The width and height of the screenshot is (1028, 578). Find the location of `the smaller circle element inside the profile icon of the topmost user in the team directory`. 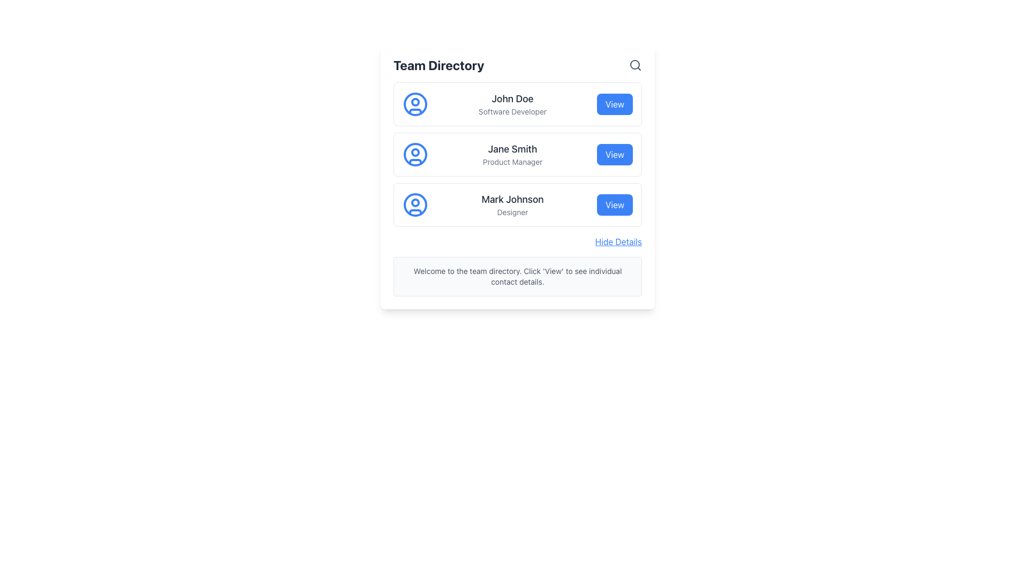

the smaller circle element inside the profile icon of the topmost user in the team directory is located at coordinates (415, 102).